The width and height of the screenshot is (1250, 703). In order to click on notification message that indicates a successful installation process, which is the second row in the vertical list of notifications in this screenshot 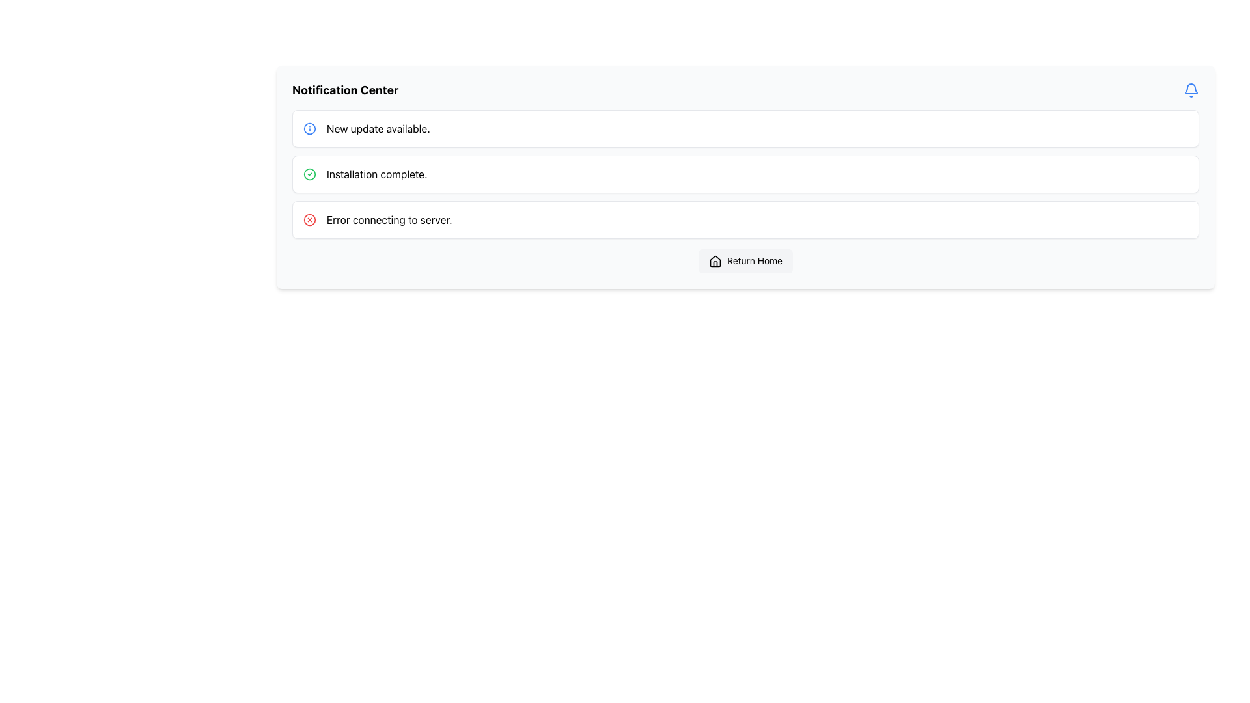, I will do `click(376, 173)`.